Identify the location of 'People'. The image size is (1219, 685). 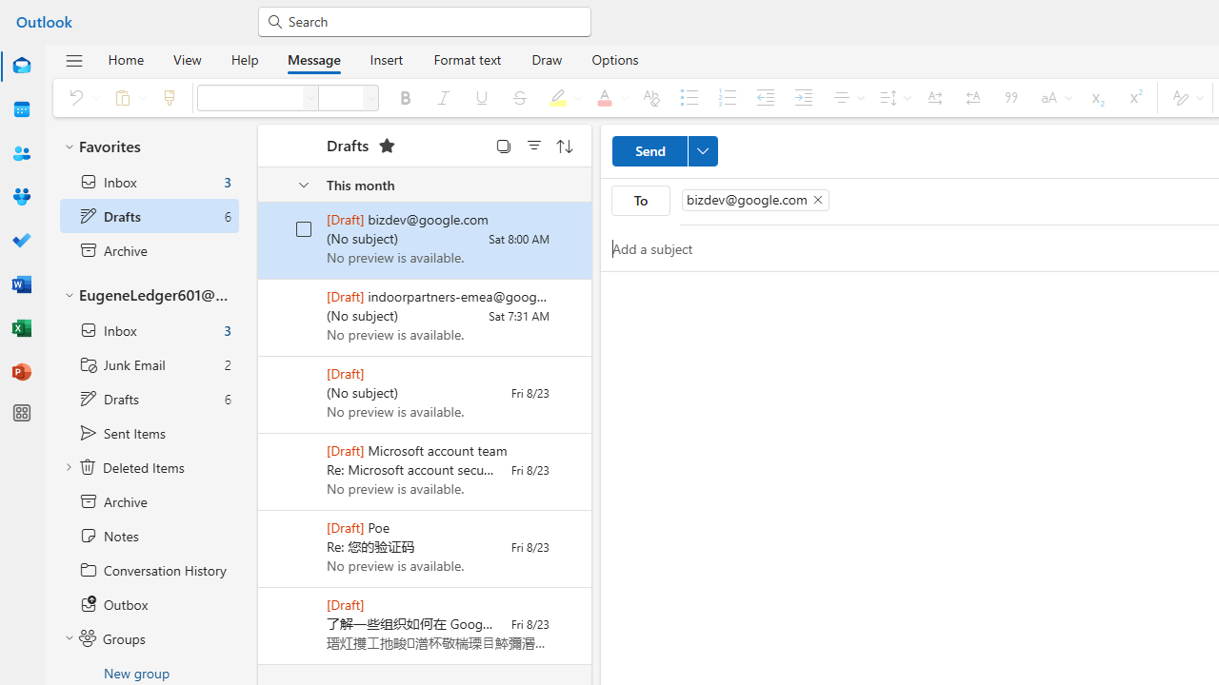
(22, 153).